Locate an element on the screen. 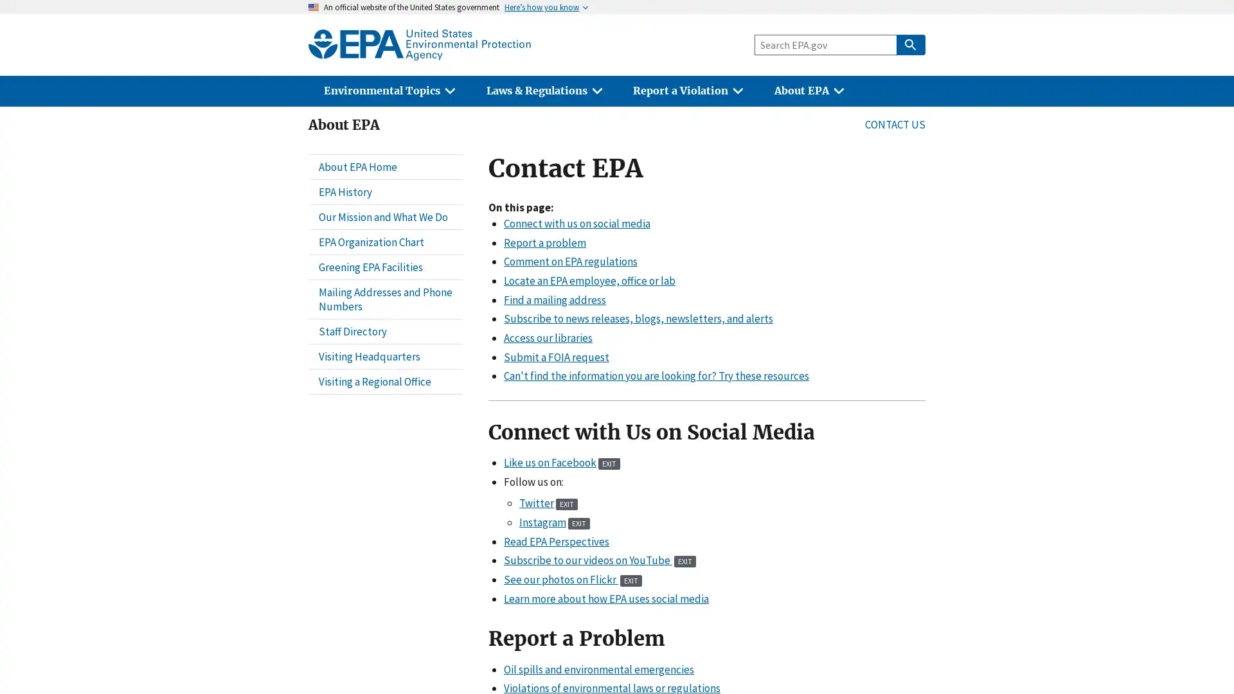 Image resolution: width=1234 pixels, height=694 pixels. Heres how you know is located at coordinates (542, 7).